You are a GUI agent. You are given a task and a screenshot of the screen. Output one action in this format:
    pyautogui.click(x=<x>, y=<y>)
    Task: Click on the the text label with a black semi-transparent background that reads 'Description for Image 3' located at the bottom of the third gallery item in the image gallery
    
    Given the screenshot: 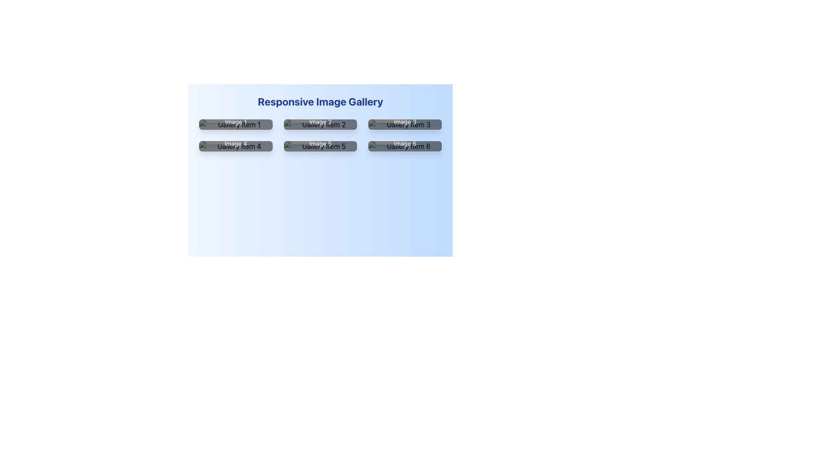 What is the action you would take?
    pyautogui.click(x=404, y=117)
    